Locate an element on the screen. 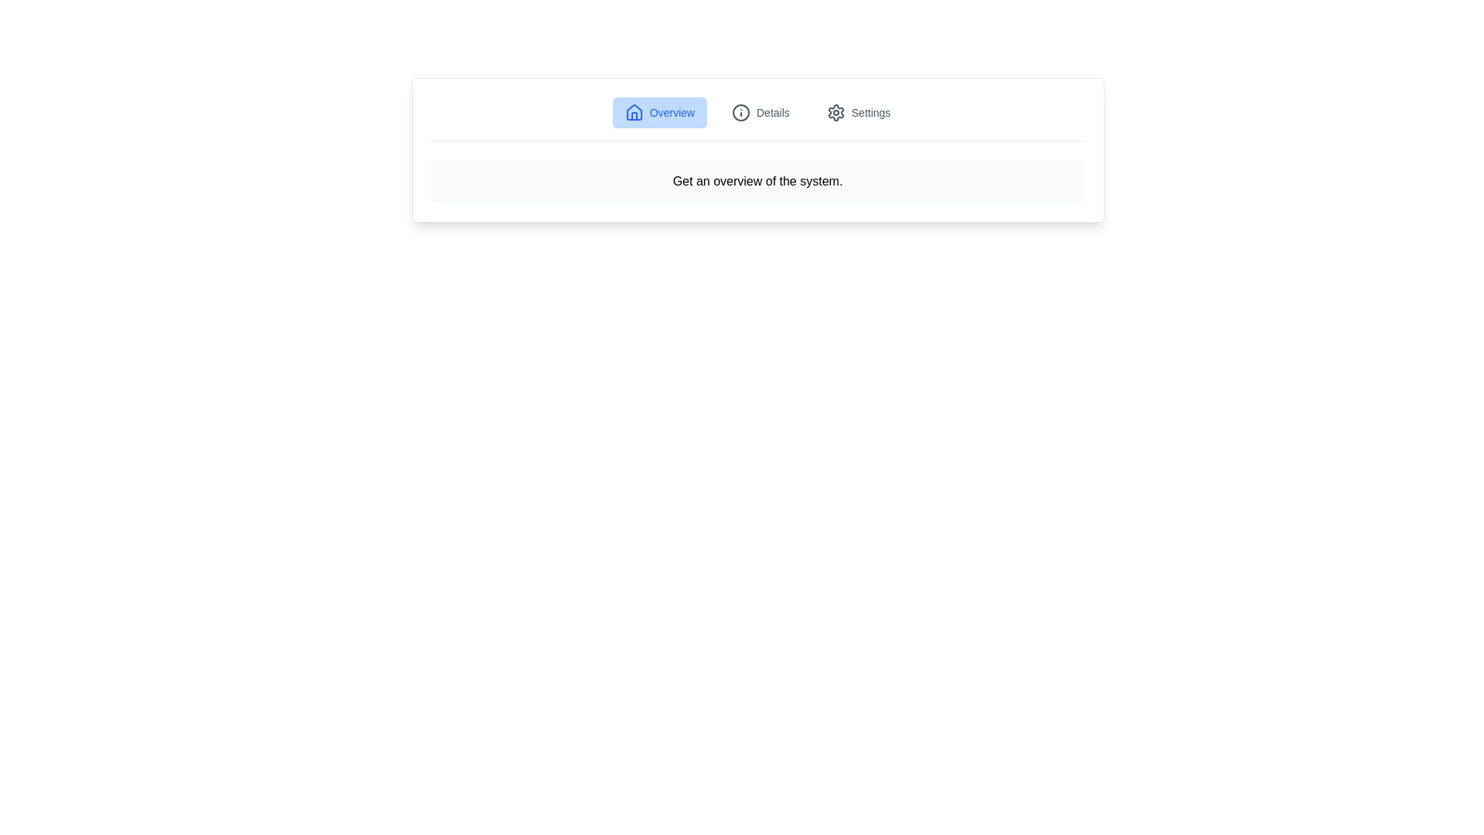 This screenshot has width=1484, height=835. the 'Details' text link located on the horizontal navigation bar is located at coordinates (772, 112).